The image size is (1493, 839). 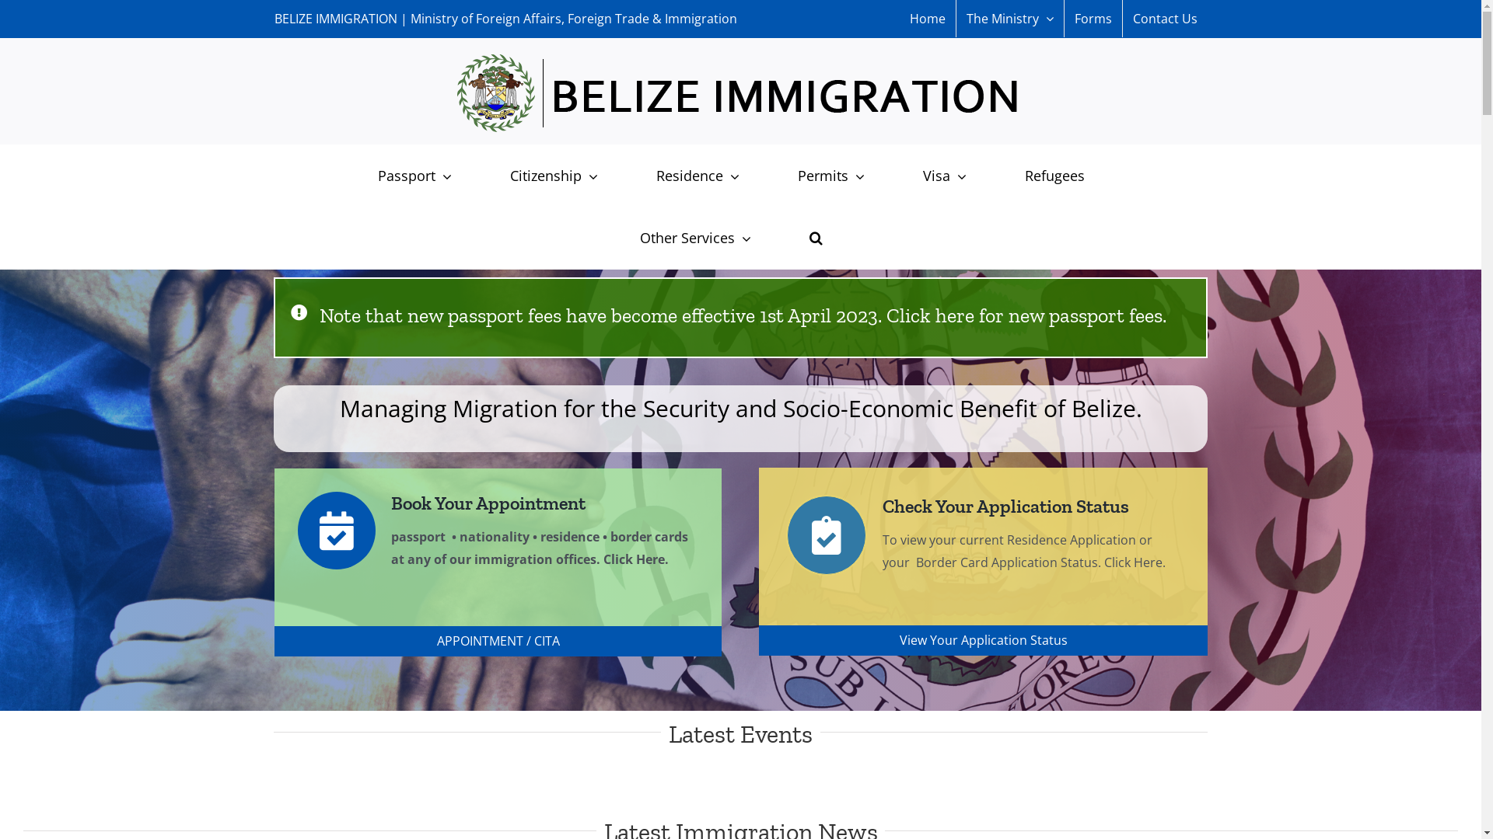 I want to click on 'Visa', so click(x=943, y=175).